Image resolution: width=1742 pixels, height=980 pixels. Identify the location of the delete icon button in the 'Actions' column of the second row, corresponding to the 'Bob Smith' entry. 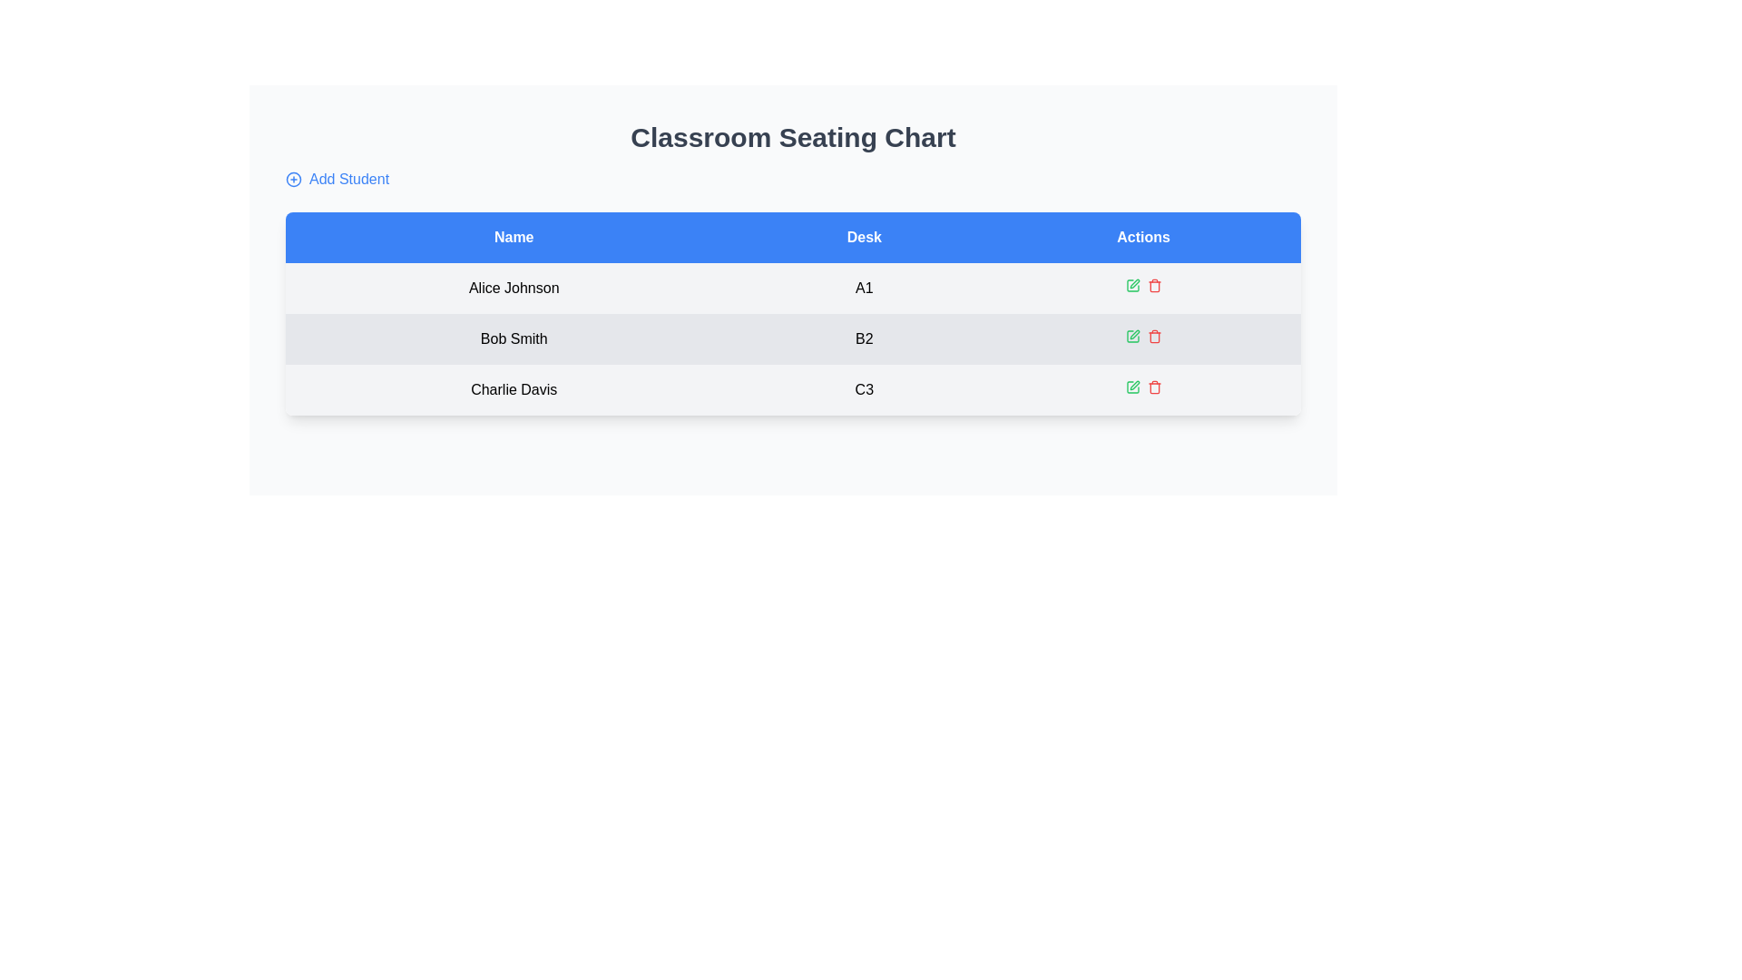
(1153, 336).